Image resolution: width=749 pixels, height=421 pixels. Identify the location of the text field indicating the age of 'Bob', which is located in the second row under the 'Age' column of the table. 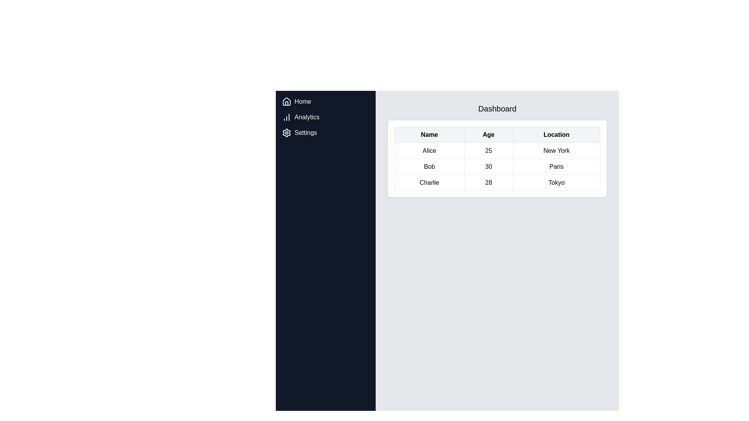
(488, 166).